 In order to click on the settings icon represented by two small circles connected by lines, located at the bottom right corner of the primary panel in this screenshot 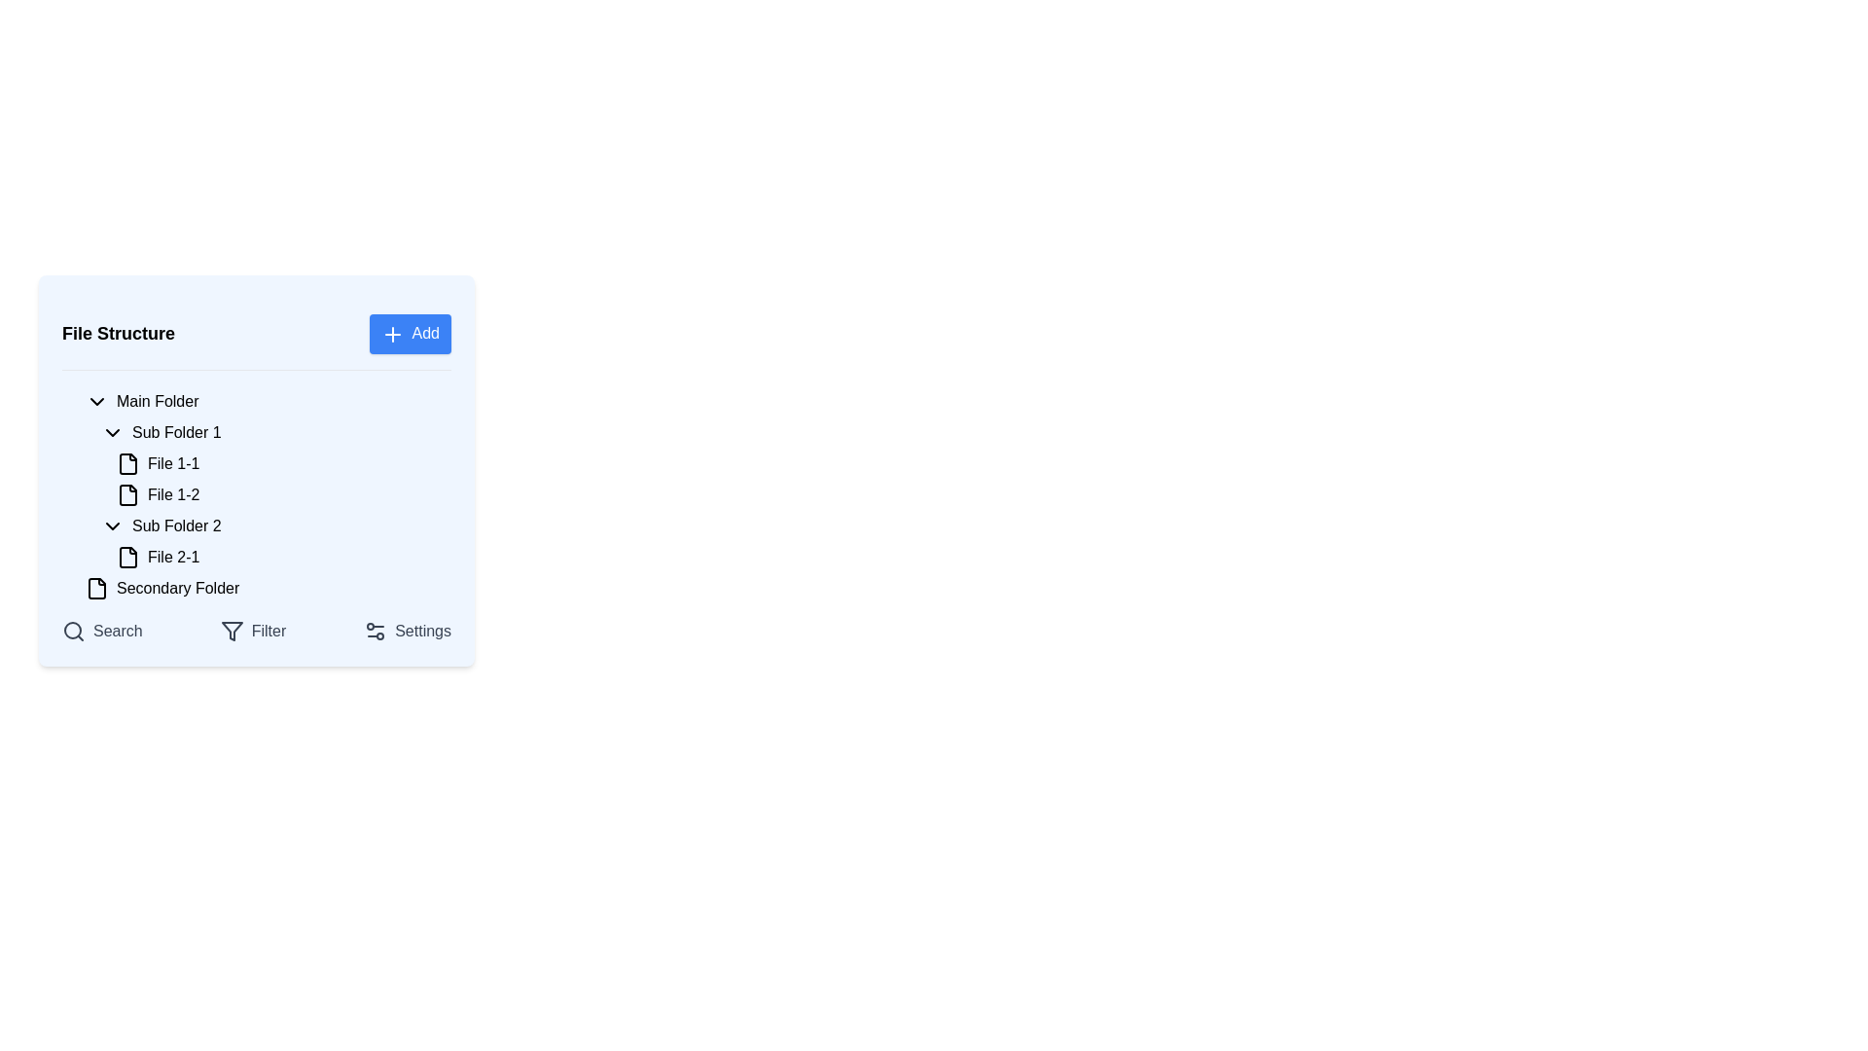, I will do `click(376, 631)`.